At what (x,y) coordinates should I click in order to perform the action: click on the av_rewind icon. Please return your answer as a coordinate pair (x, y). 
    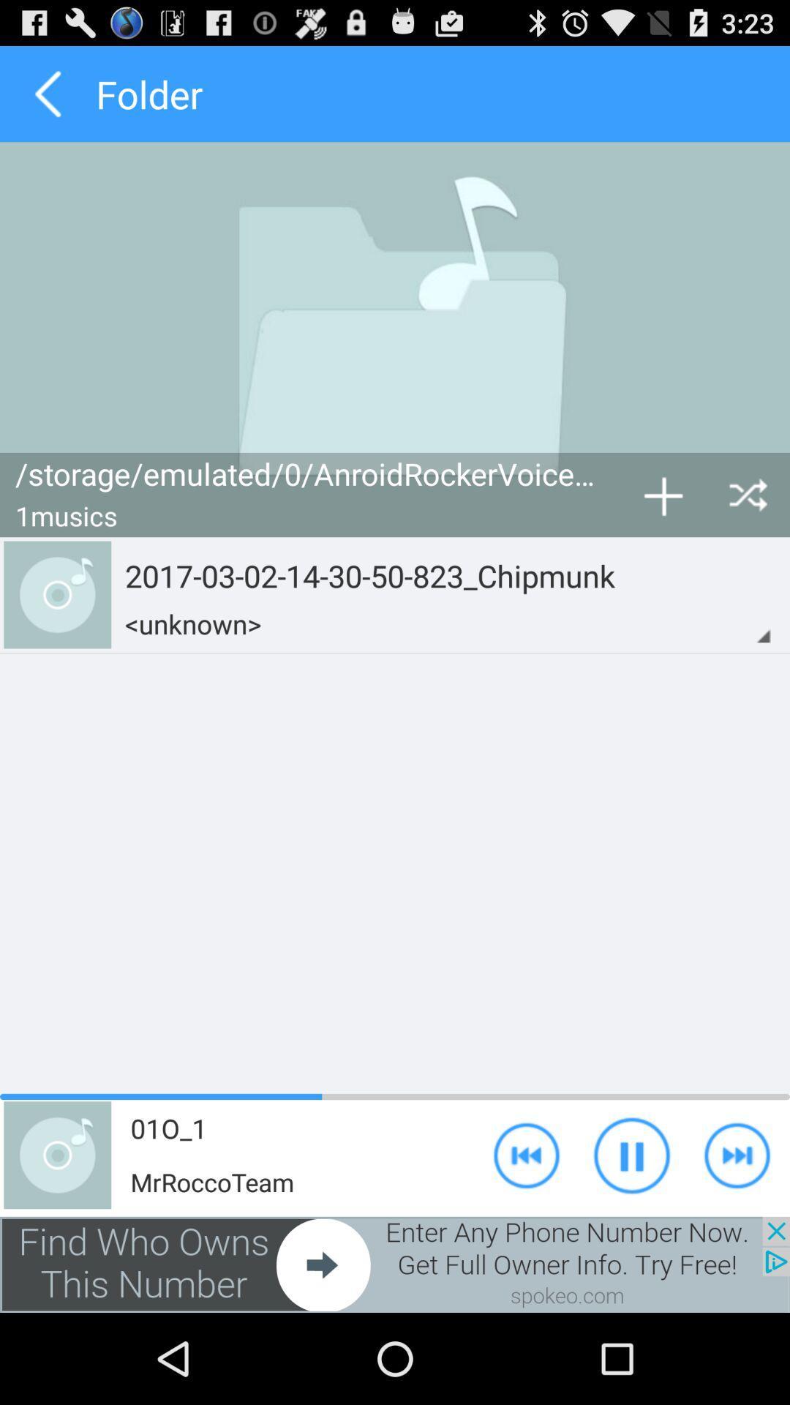
    Looking at the image, I should click on (527, 1235).